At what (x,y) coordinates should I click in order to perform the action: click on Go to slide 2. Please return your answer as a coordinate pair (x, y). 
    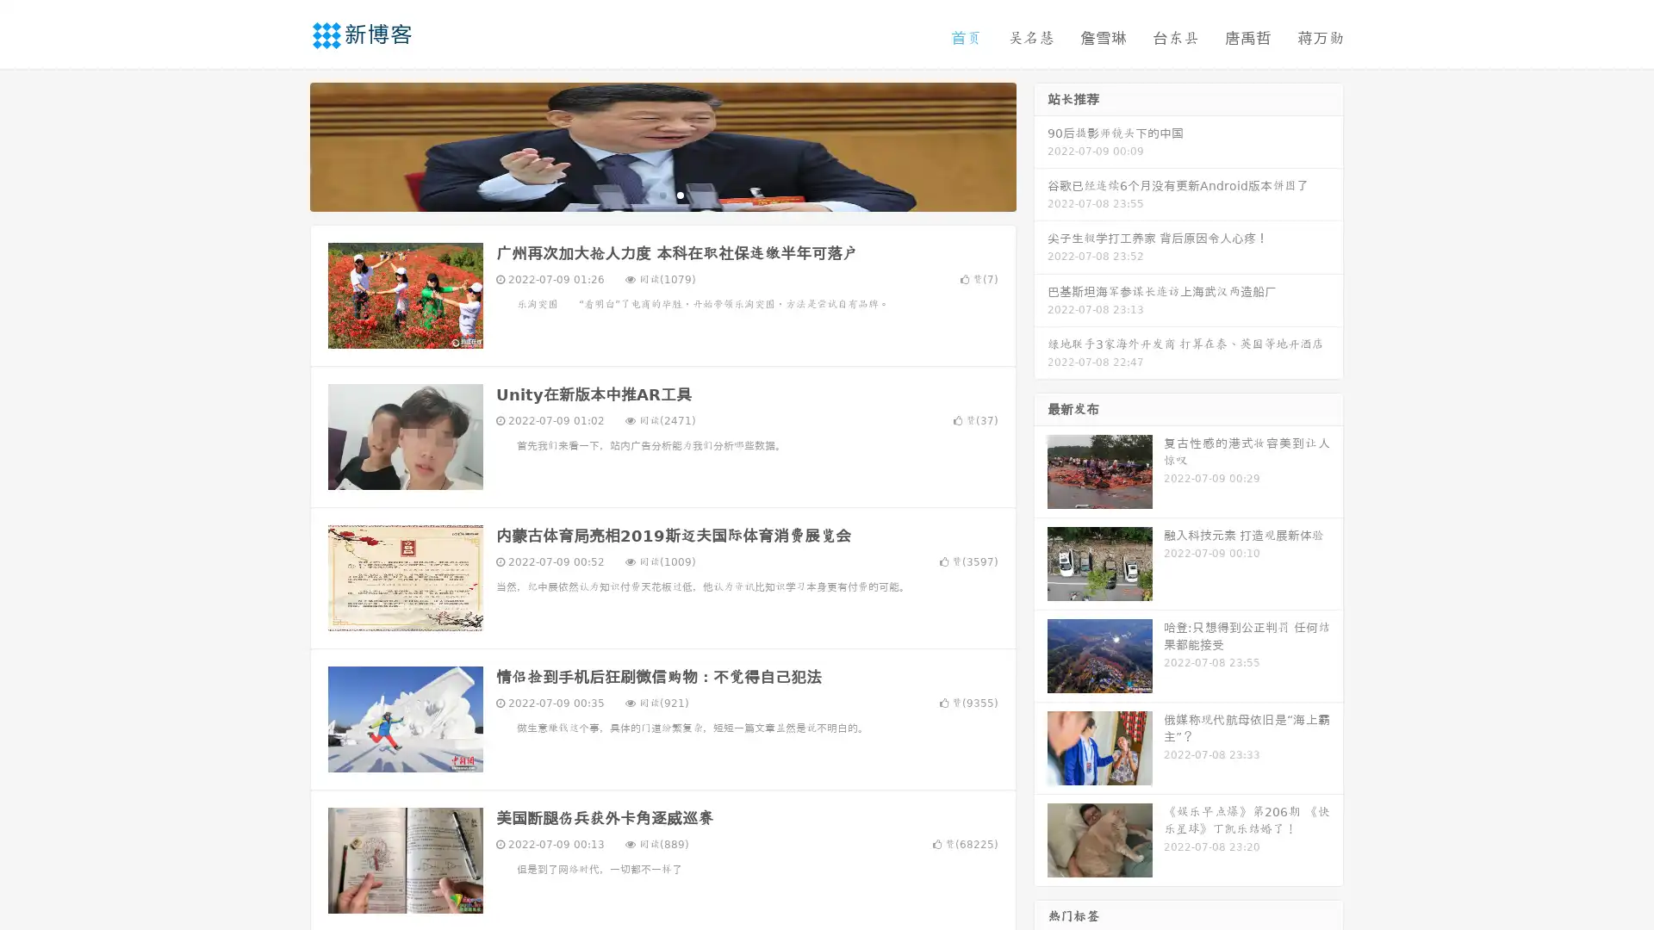
    Looking at the image, I should click on (662, 194).